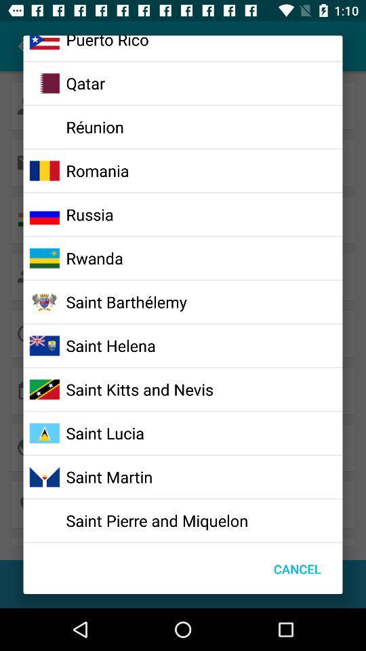 Image resolution: width=366 pixels, height=651 pixels. Describe the element at coordinates (108, 477) in the screenshot. I see `icon below the saint lucia` at that location.